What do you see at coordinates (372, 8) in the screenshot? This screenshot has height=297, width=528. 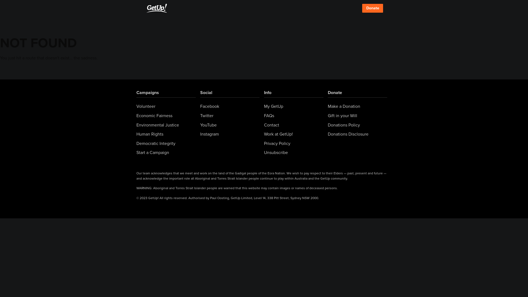 I see `'Donate'` at bounding box center [372, 8].